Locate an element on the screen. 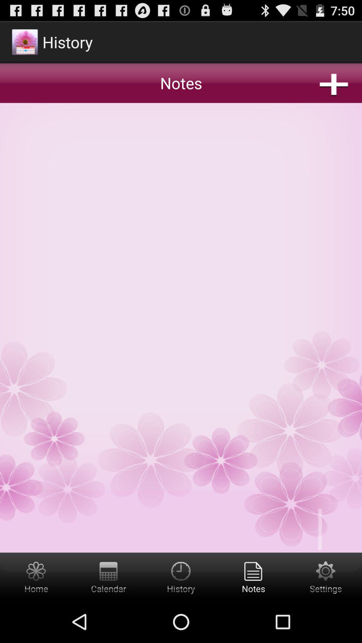 Image resolution: width=362 pixels, height=643 pixels. home button is located at coordinates (36, 576).